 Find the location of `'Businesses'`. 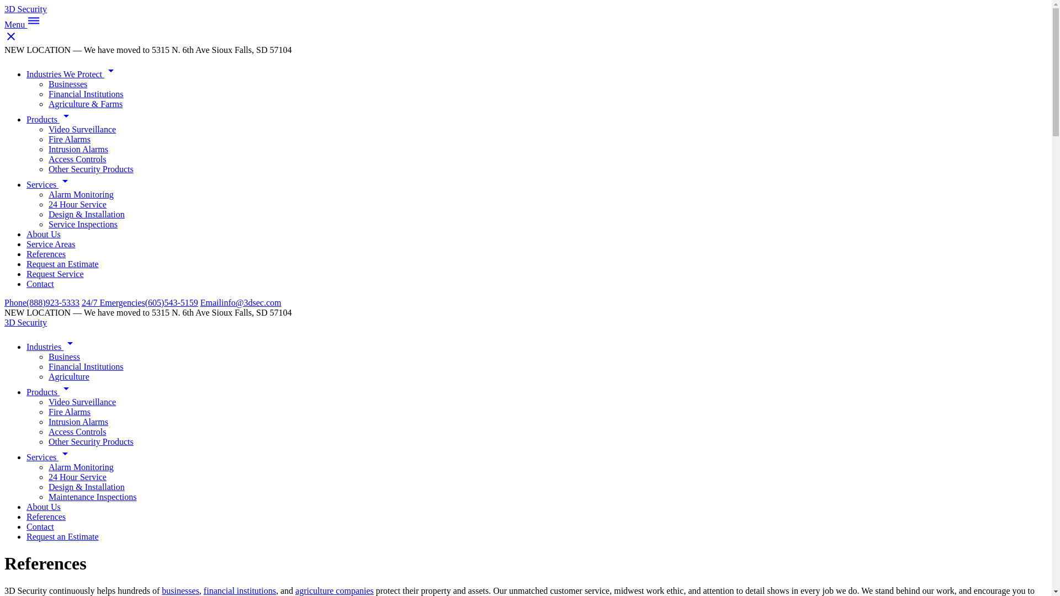

'Businesses' is located at coordinates (67, 83).